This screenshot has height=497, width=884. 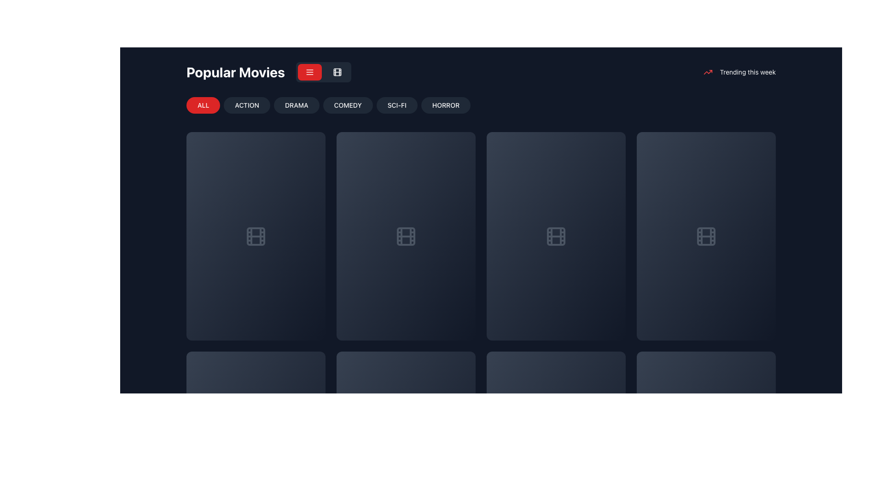 What do you see at coordinates (556, 236) in the screenshot?
I see `the film icon resembling a rectangular shape with a bordered frame and spaced-out vertical strips, styled in gray, located in the second row and third column of the grid layout` at bounding box center [556, 236].